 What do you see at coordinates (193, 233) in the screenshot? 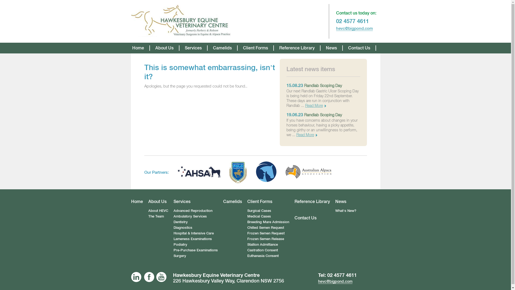
I see `'Hospital & Intensive Care'` at bounding box center [193, 233].